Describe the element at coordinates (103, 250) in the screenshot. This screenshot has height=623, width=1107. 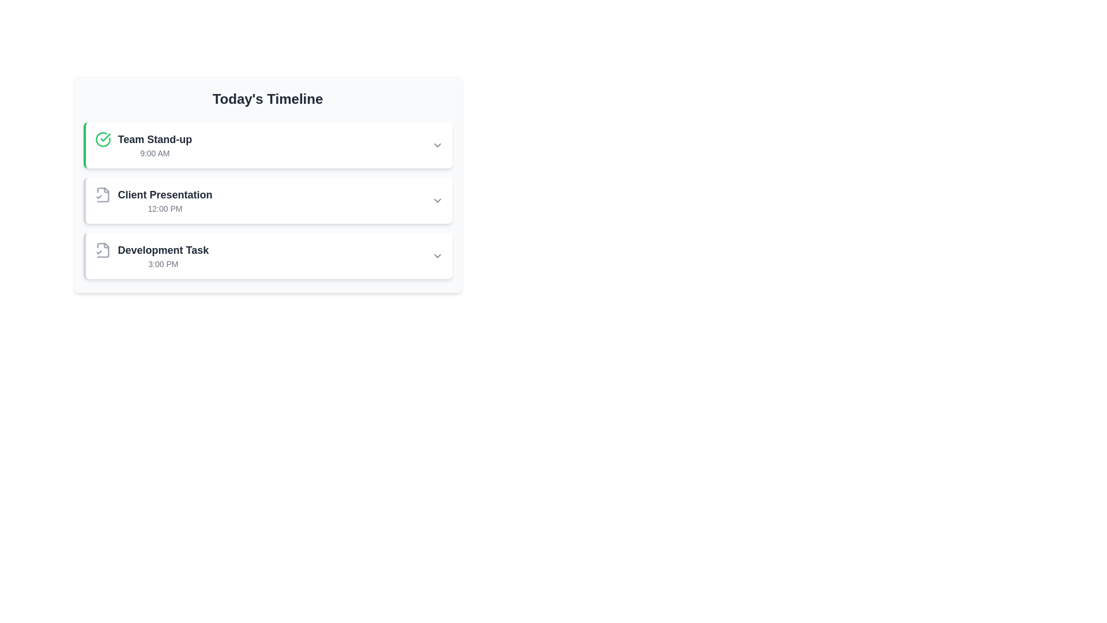
I see `the visual state of the small square-shaped icon resembling a file with a checkmark inside it, which is located to the left of the text 'Development Task'` at that location.